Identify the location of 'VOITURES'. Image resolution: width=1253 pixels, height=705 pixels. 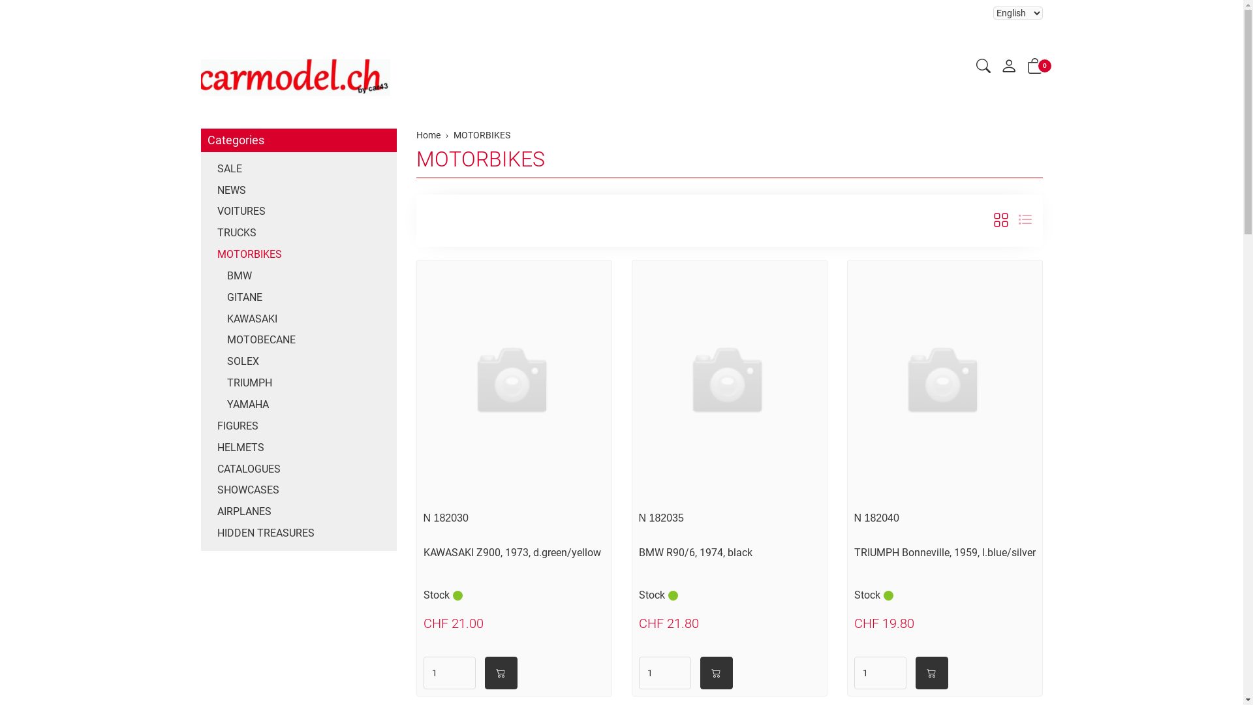
(298, 211).